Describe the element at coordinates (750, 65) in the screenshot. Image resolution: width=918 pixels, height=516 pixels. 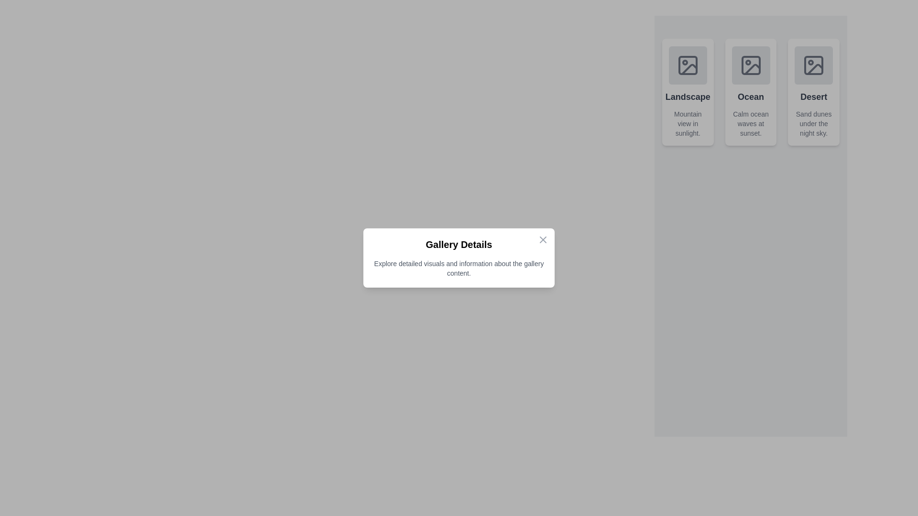
I see `the rectangular subcomponent of the image icon located within the 'Ocean' card, which is part of the three-card layout` at that location.